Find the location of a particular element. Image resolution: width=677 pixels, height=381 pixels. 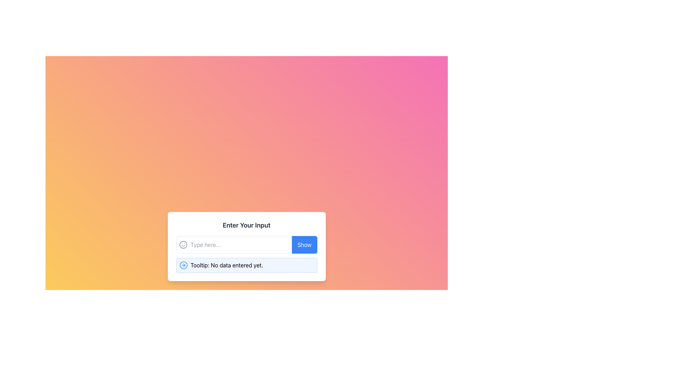

the gray smiley face icon located at the leftmost end of the input field labeled 'Type here...' is located at coordinates (183, 244).